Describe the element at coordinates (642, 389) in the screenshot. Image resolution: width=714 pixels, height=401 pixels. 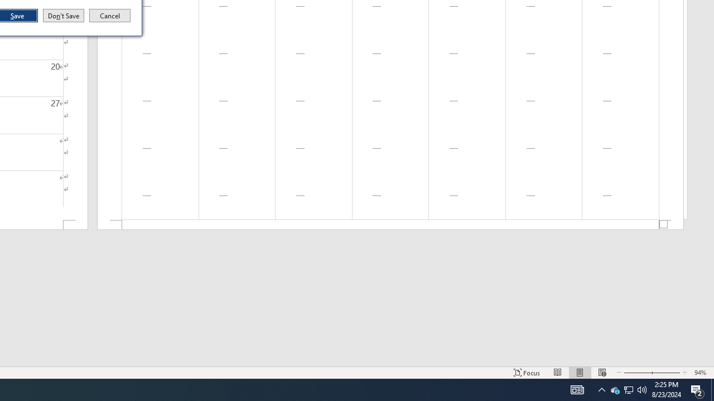
I see `'Q2790: 100%'` at that location.